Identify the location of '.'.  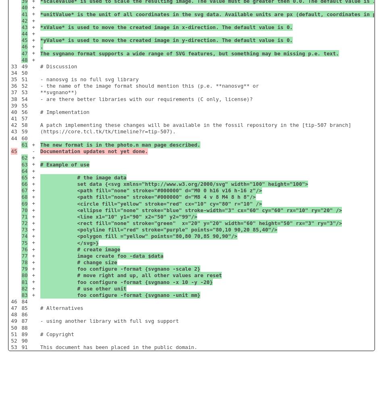
(41, 46).